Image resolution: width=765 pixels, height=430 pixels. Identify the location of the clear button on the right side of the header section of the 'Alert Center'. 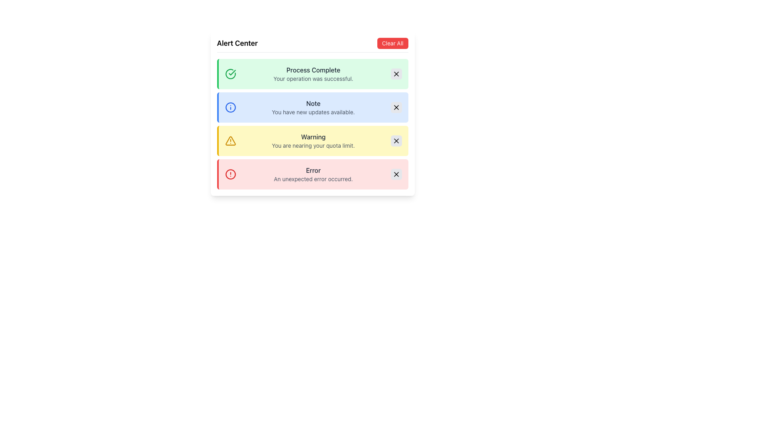
(392, 43).